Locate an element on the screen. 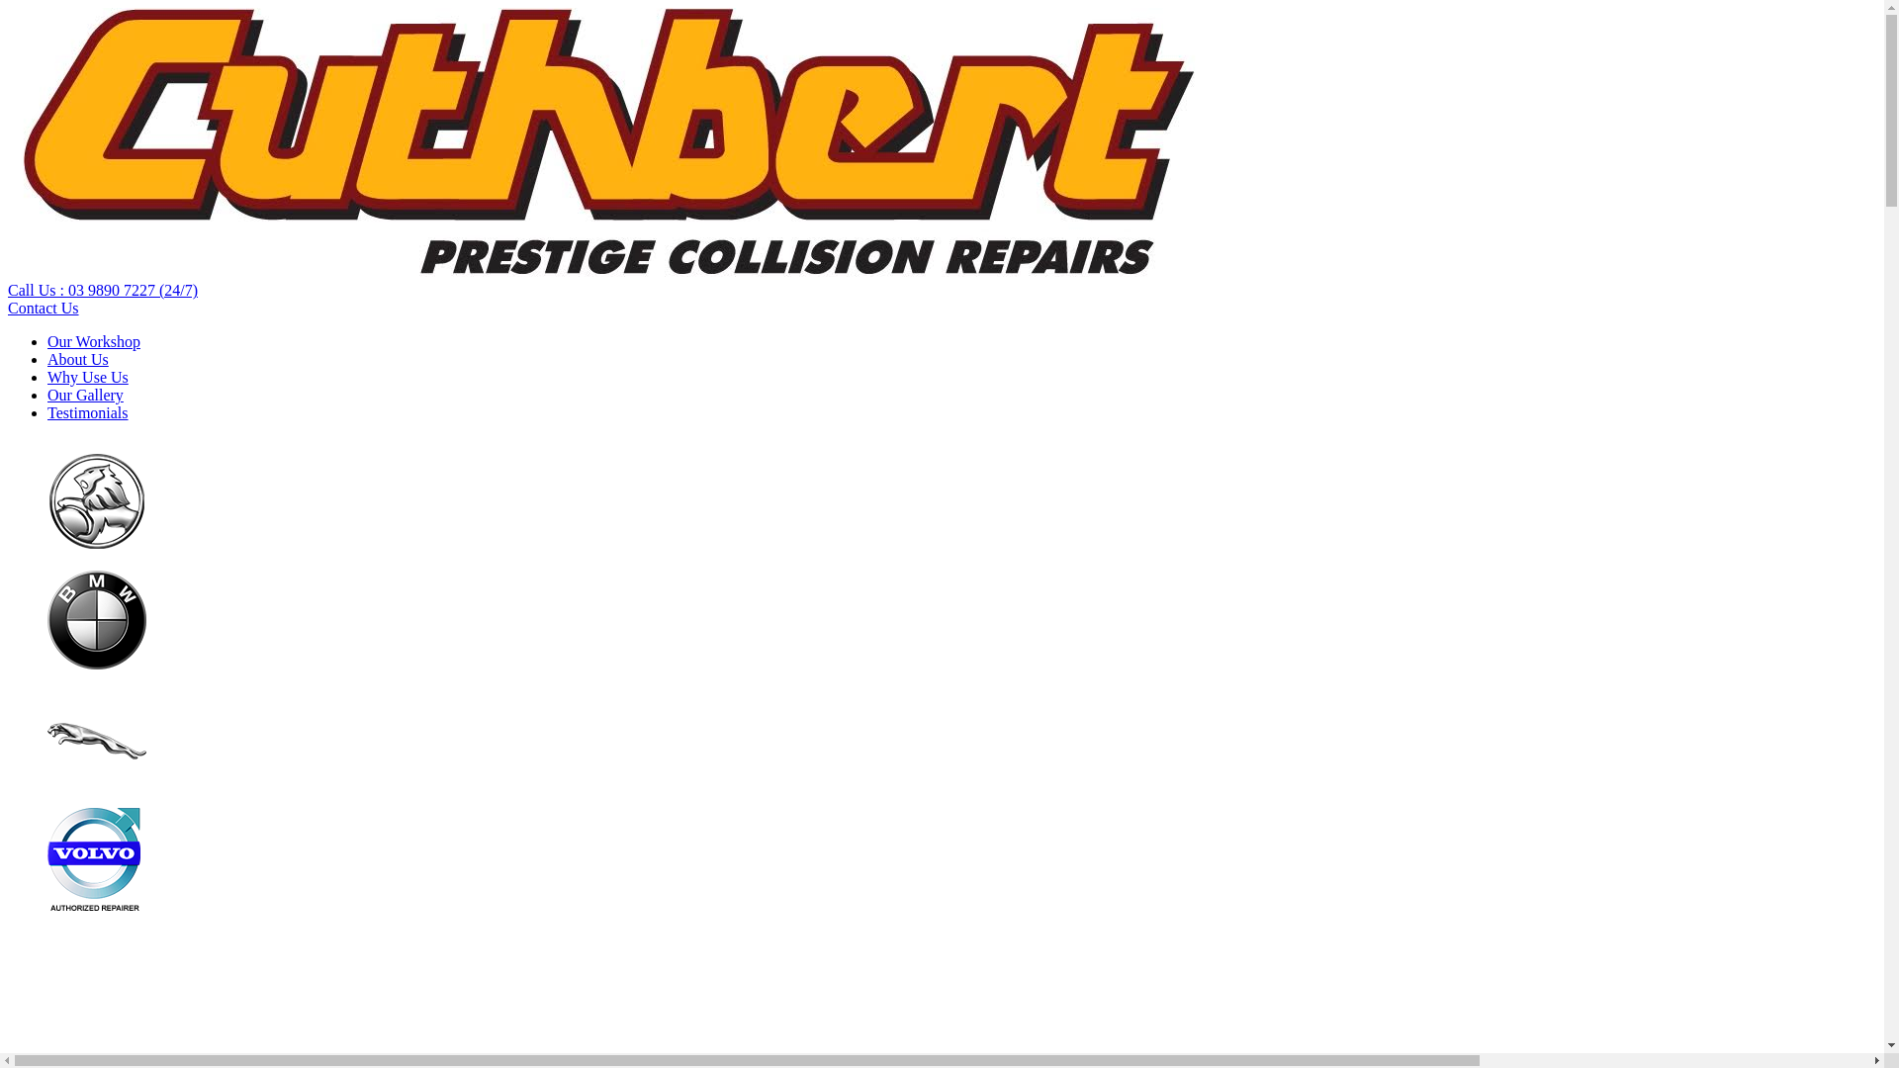 This screenshot has height=1068, width=1899. 'Call Us : 03 9890 7227 (24/7)' is located at coordinates (102, 290).